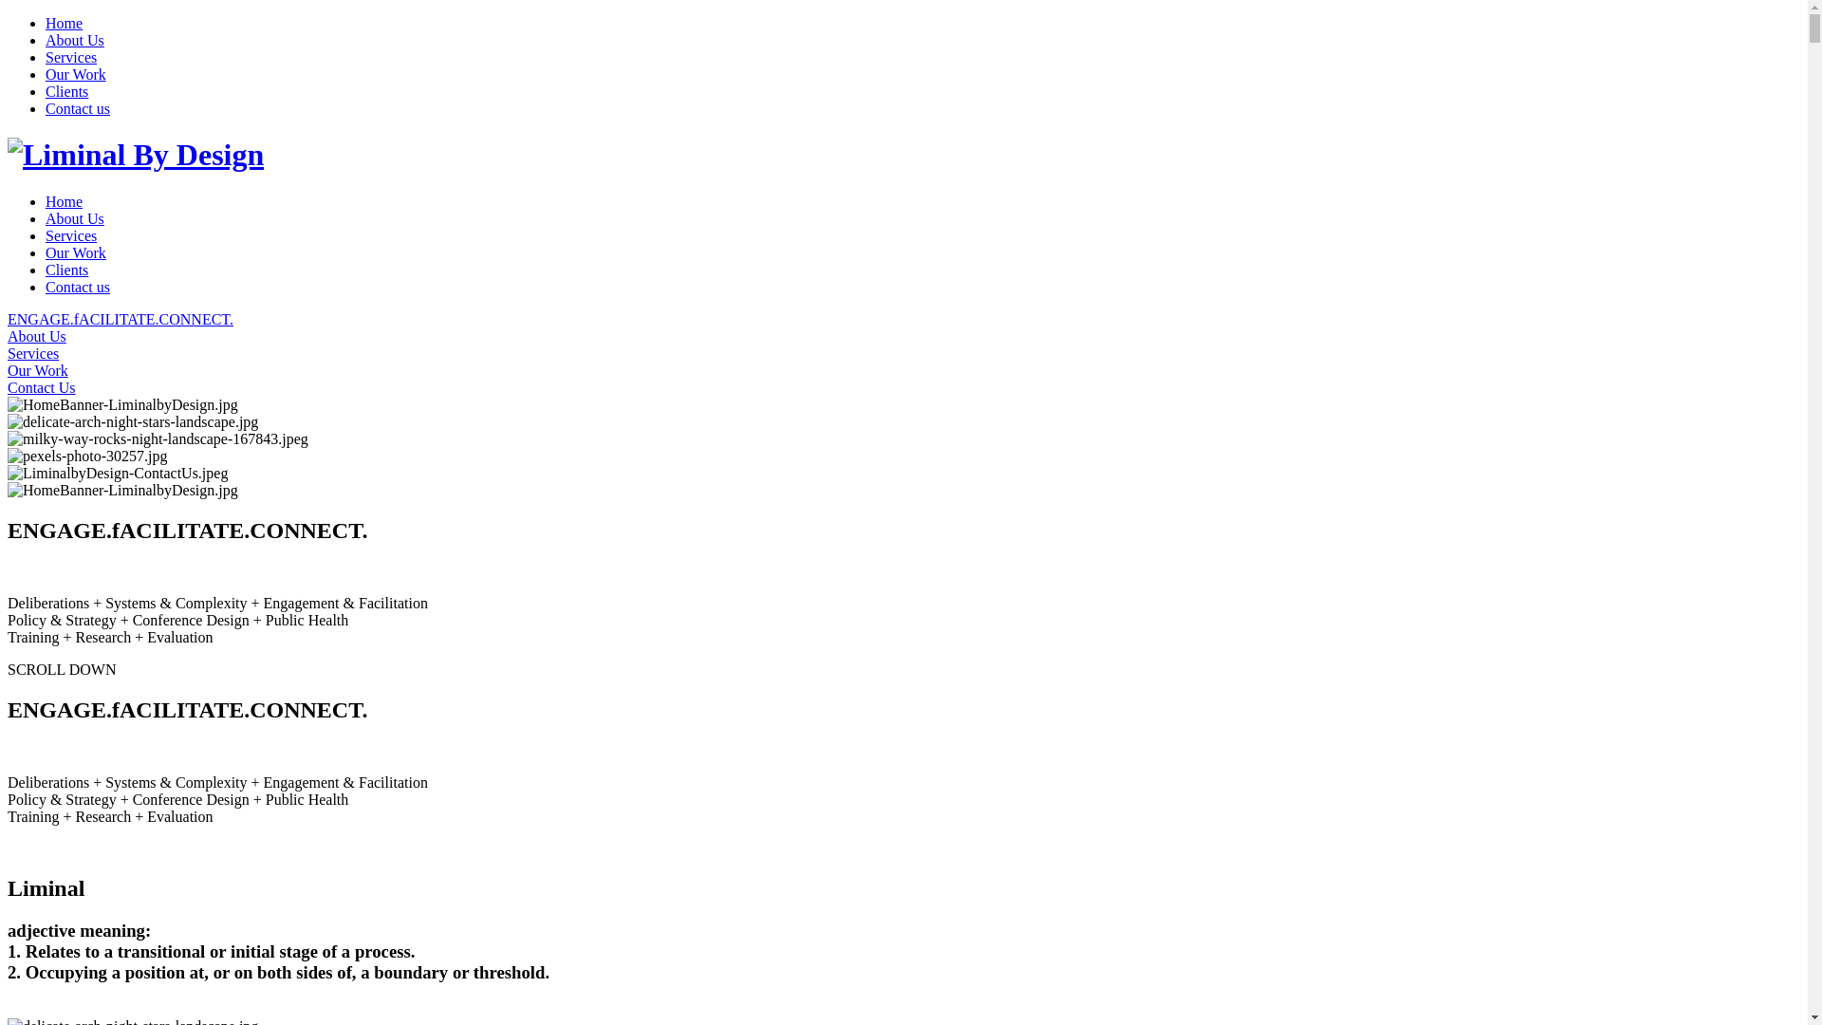  What do you see at coordinates (71, 234) in the screenshot?
I see `'Services'` at bounding box center [71, 234].